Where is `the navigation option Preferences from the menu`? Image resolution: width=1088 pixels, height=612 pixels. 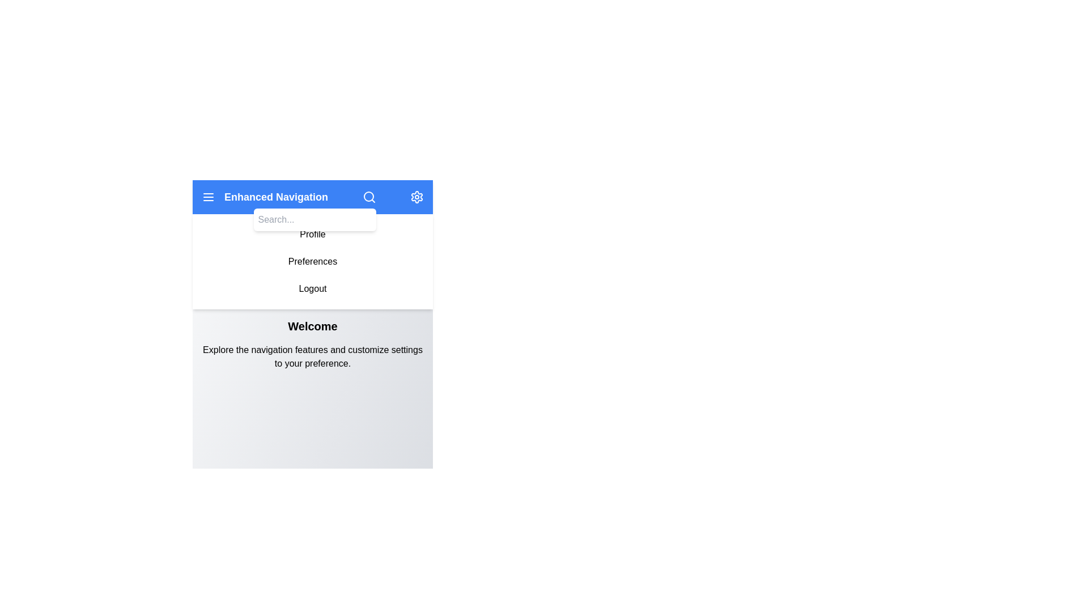
the navigation option Preferences from the menu is located at coordinates (313, 262).